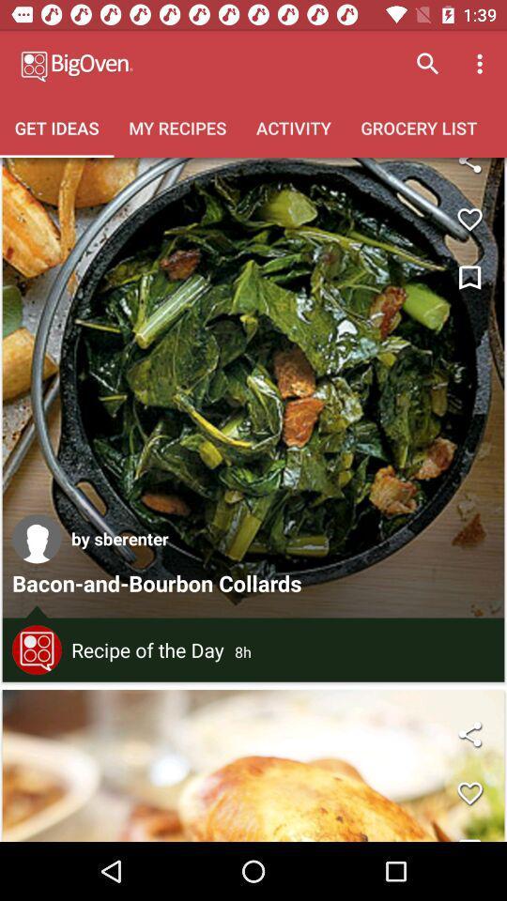  What do you see at coordinates (469, 792) in the screenshot?
I see `it` at bounding box center [469, 792].